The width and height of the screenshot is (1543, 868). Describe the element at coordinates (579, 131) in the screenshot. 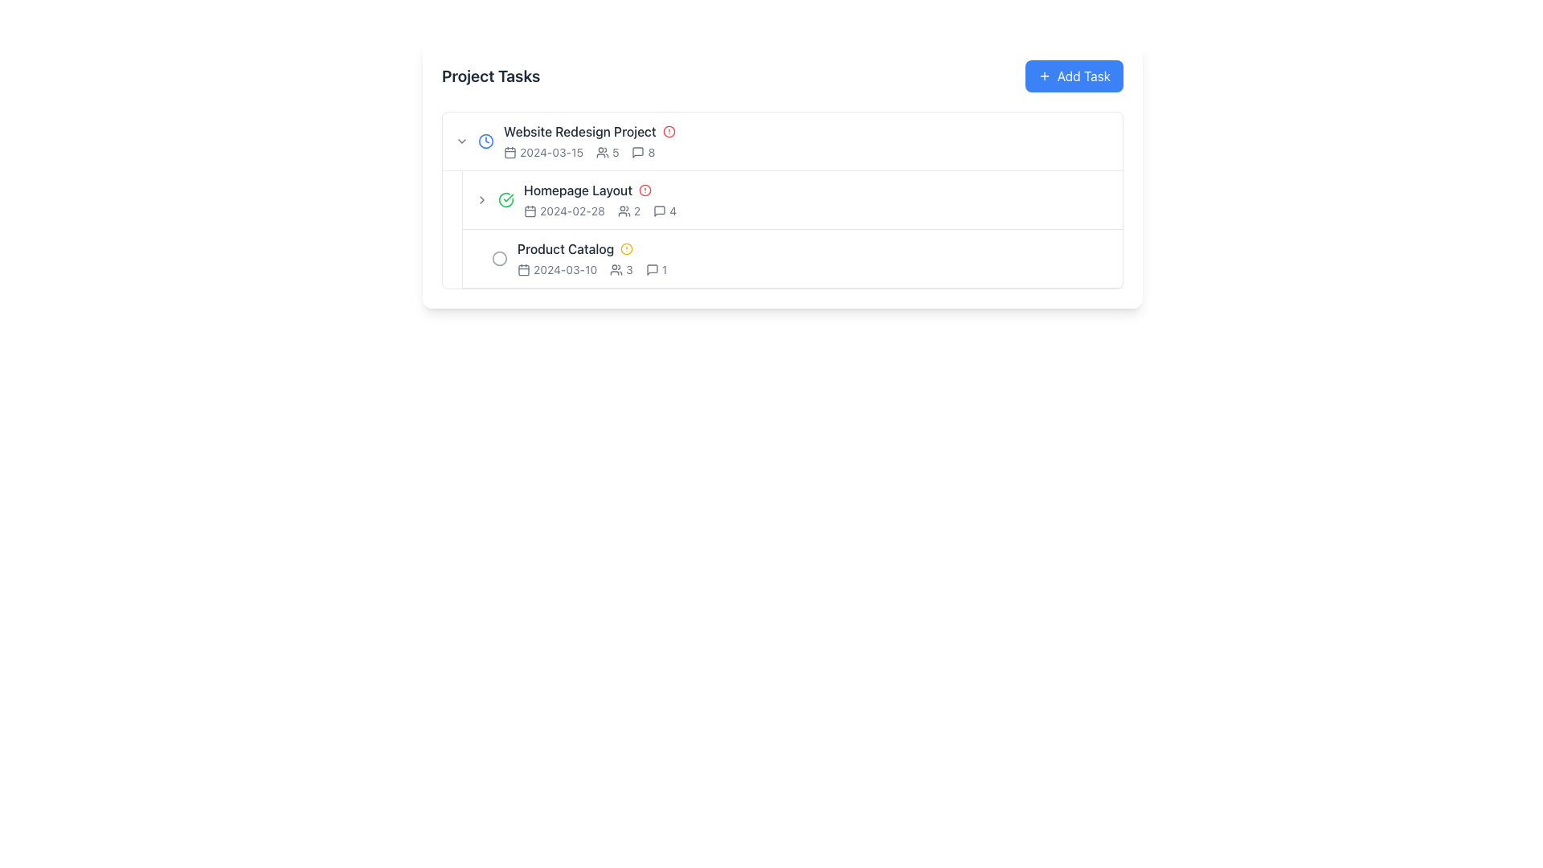

I see `text content of the label displaying 'Website Redesign Project', which is styled in medium-weight dark gray font and positioned at the top of the list under 'Project Tasks'` at that location.